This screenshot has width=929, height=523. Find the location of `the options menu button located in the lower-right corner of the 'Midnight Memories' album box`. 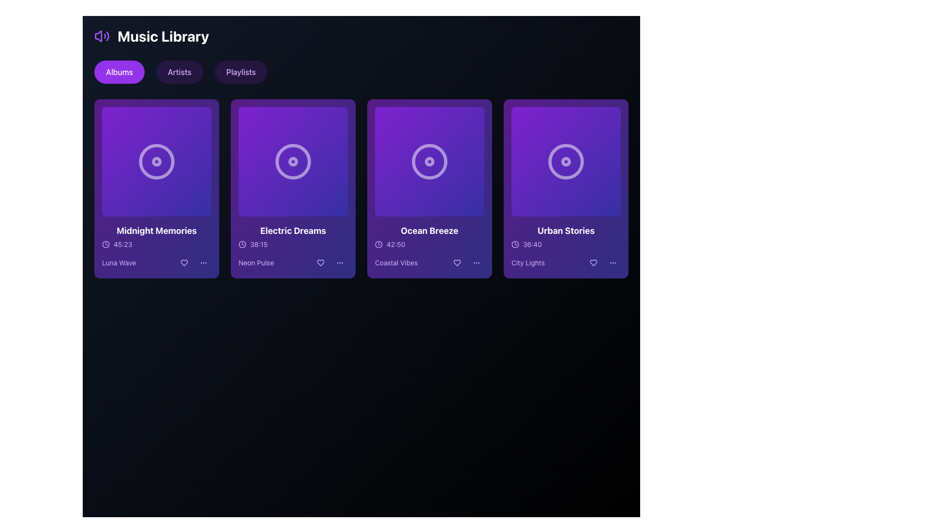

the options menu button located in the lower-right corner of the 'Midnight Memories' album box is located at coordinates (203, 263).